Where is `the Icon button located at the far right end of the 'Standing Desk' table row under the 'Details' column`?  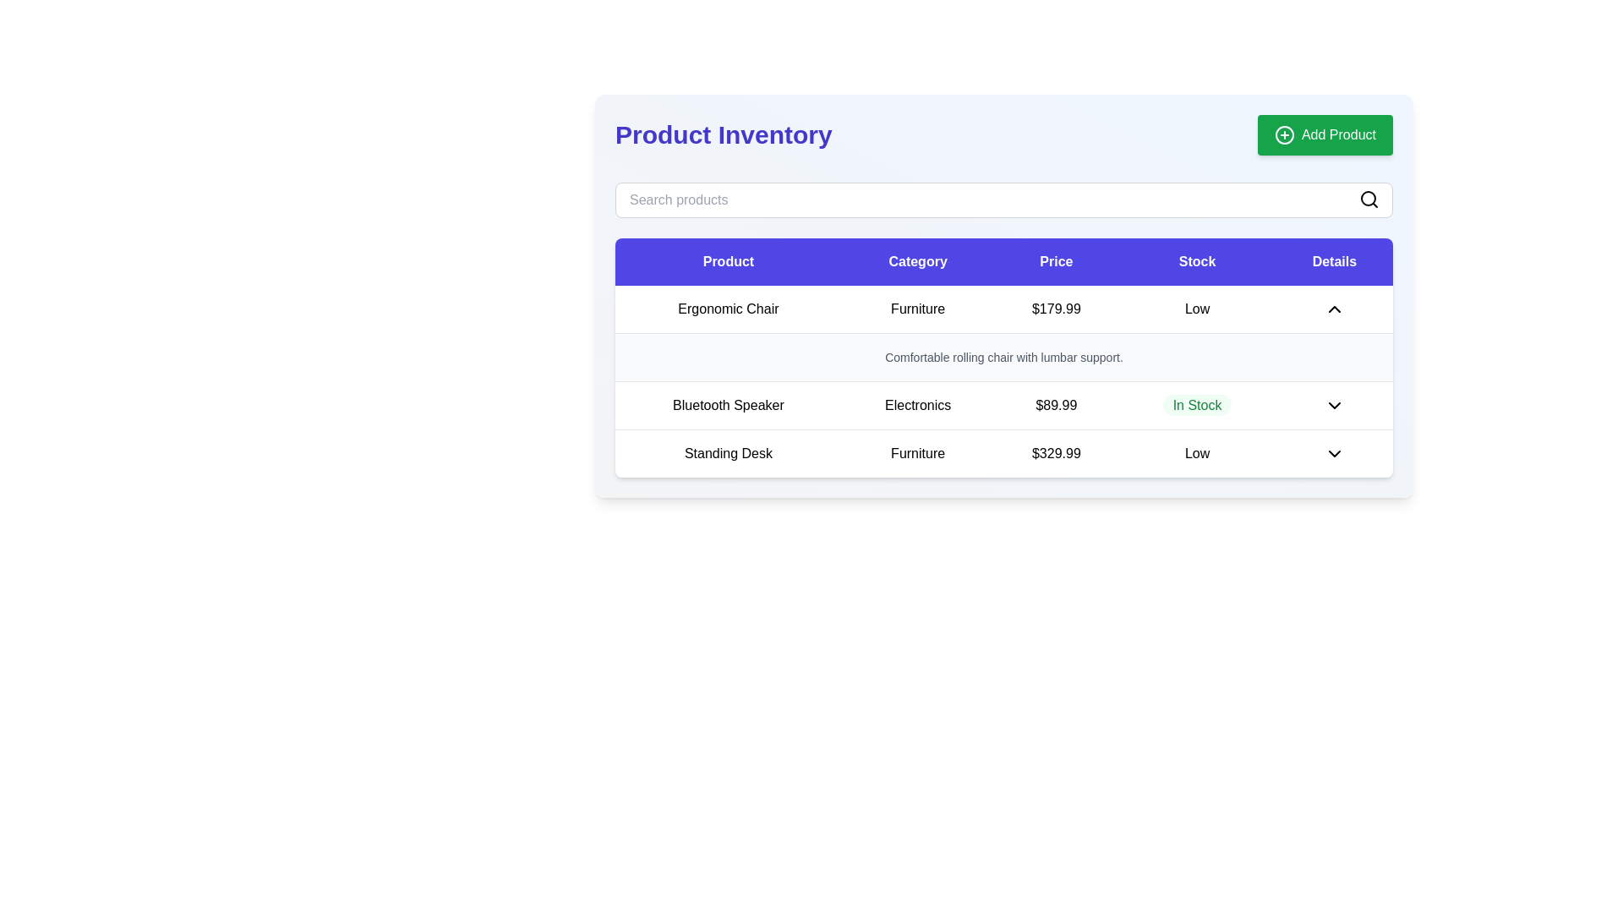
the Icon button located at the far right end of the 'Standing Desk' table row under the 'Details' column is located at coordinates (1333, 452).